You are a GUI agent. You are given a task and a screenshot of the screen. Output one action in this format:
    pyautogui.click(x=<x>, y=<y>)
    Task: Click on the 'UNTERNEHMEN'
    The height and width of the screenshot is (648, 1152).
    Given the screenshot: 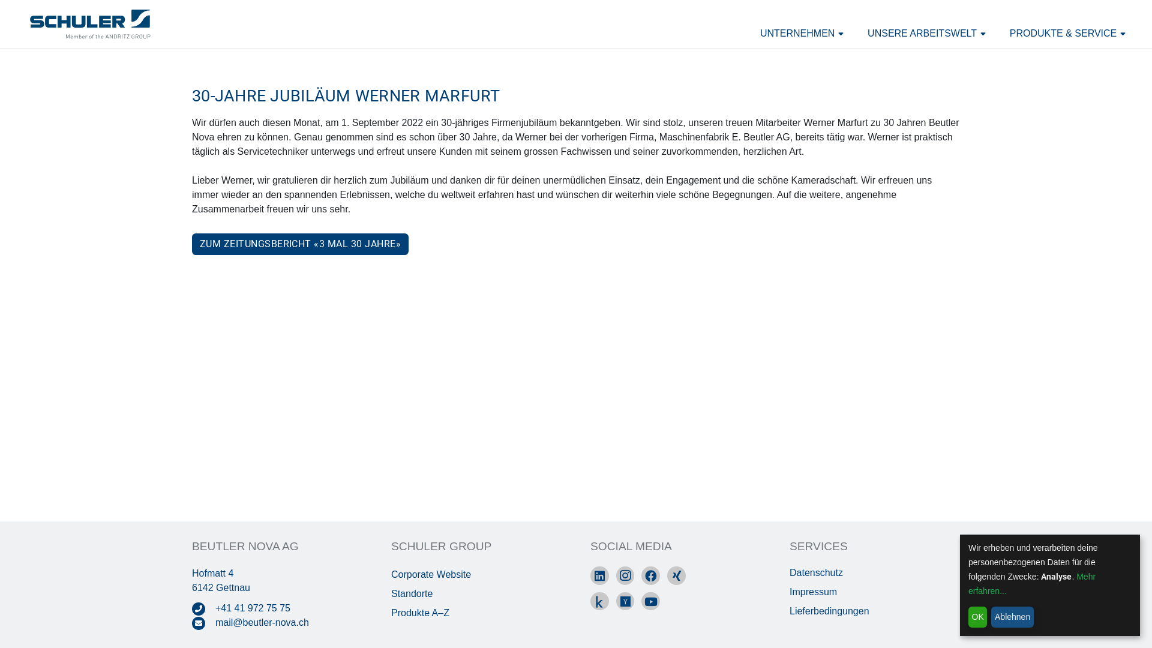 What is the action you would take?
    pyautogui.click(x=802, y=33)
    